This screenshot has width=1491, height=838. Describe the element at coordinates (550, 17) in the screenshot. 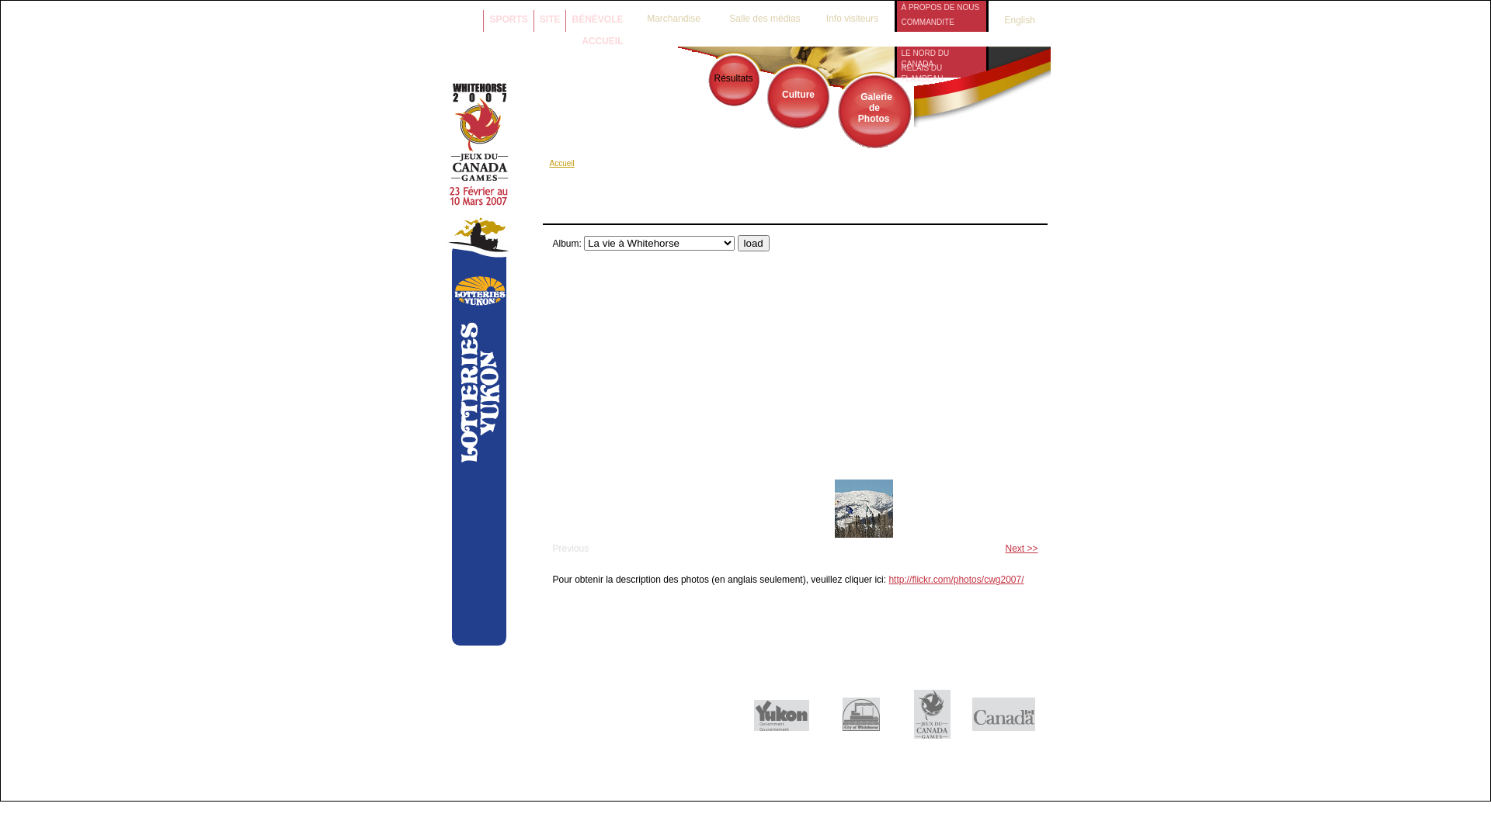

I see `'SITE'` at that location.